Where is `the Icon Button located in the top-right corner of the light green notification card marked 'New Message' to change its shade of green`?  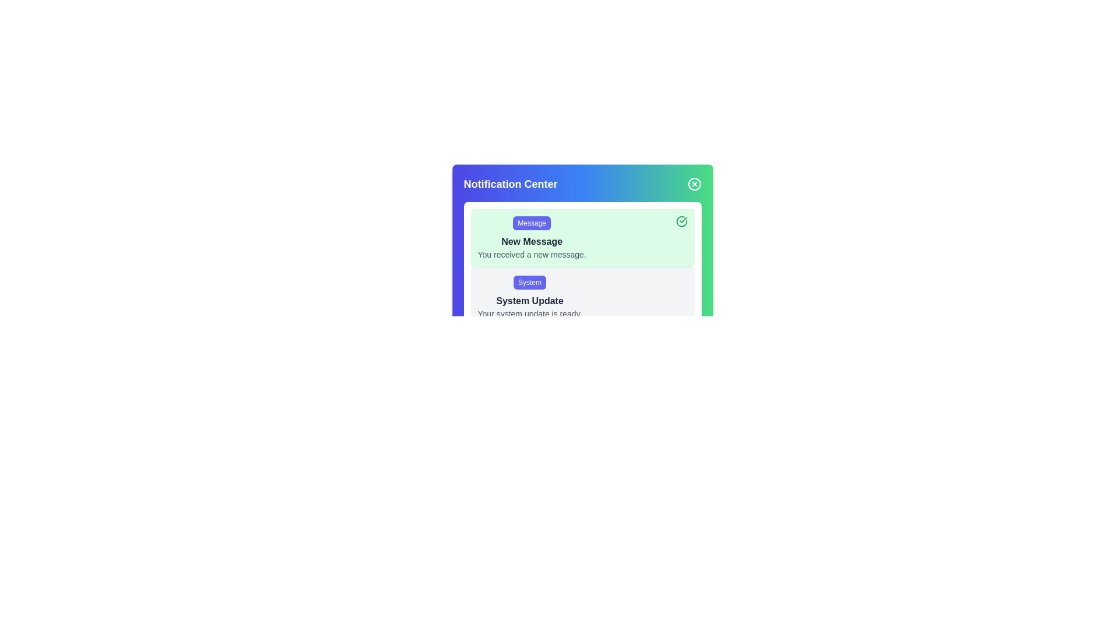
the Icon Button located in the top-right corner of the light green notification card marked 'New Message' to change its shade of green is located at coordinates (681, 222).